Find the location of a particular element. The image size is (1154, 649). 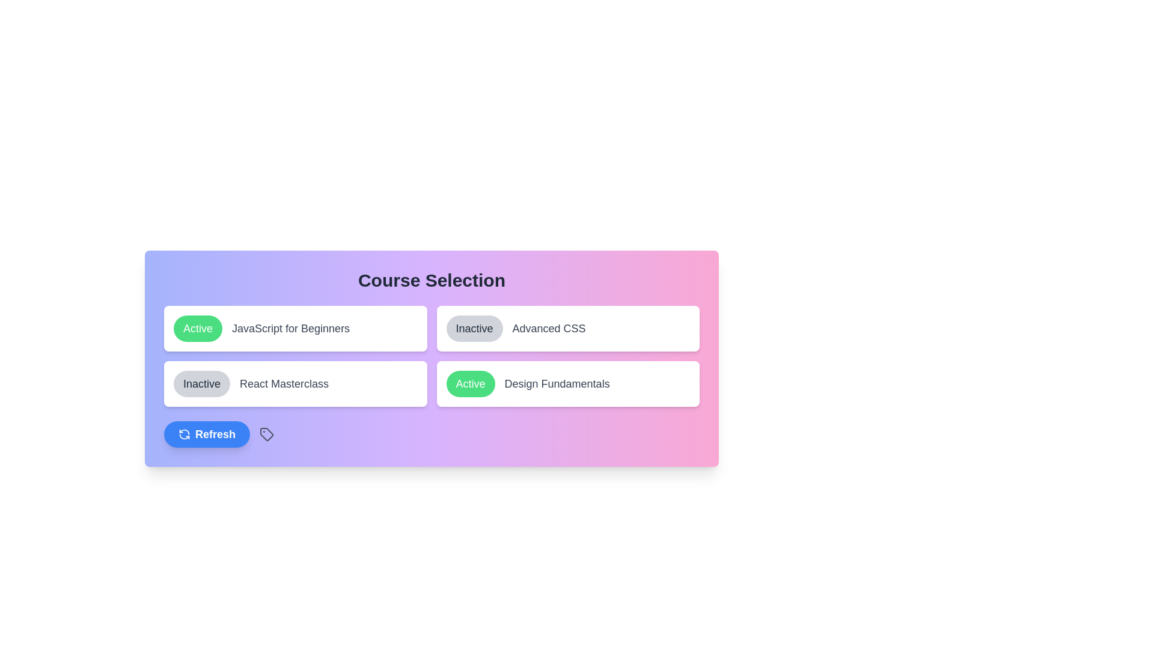

the refresh icon located on the left side of the 'Refresh' button in the 'Course Selection' card interface is located at coordinates (184, 434).